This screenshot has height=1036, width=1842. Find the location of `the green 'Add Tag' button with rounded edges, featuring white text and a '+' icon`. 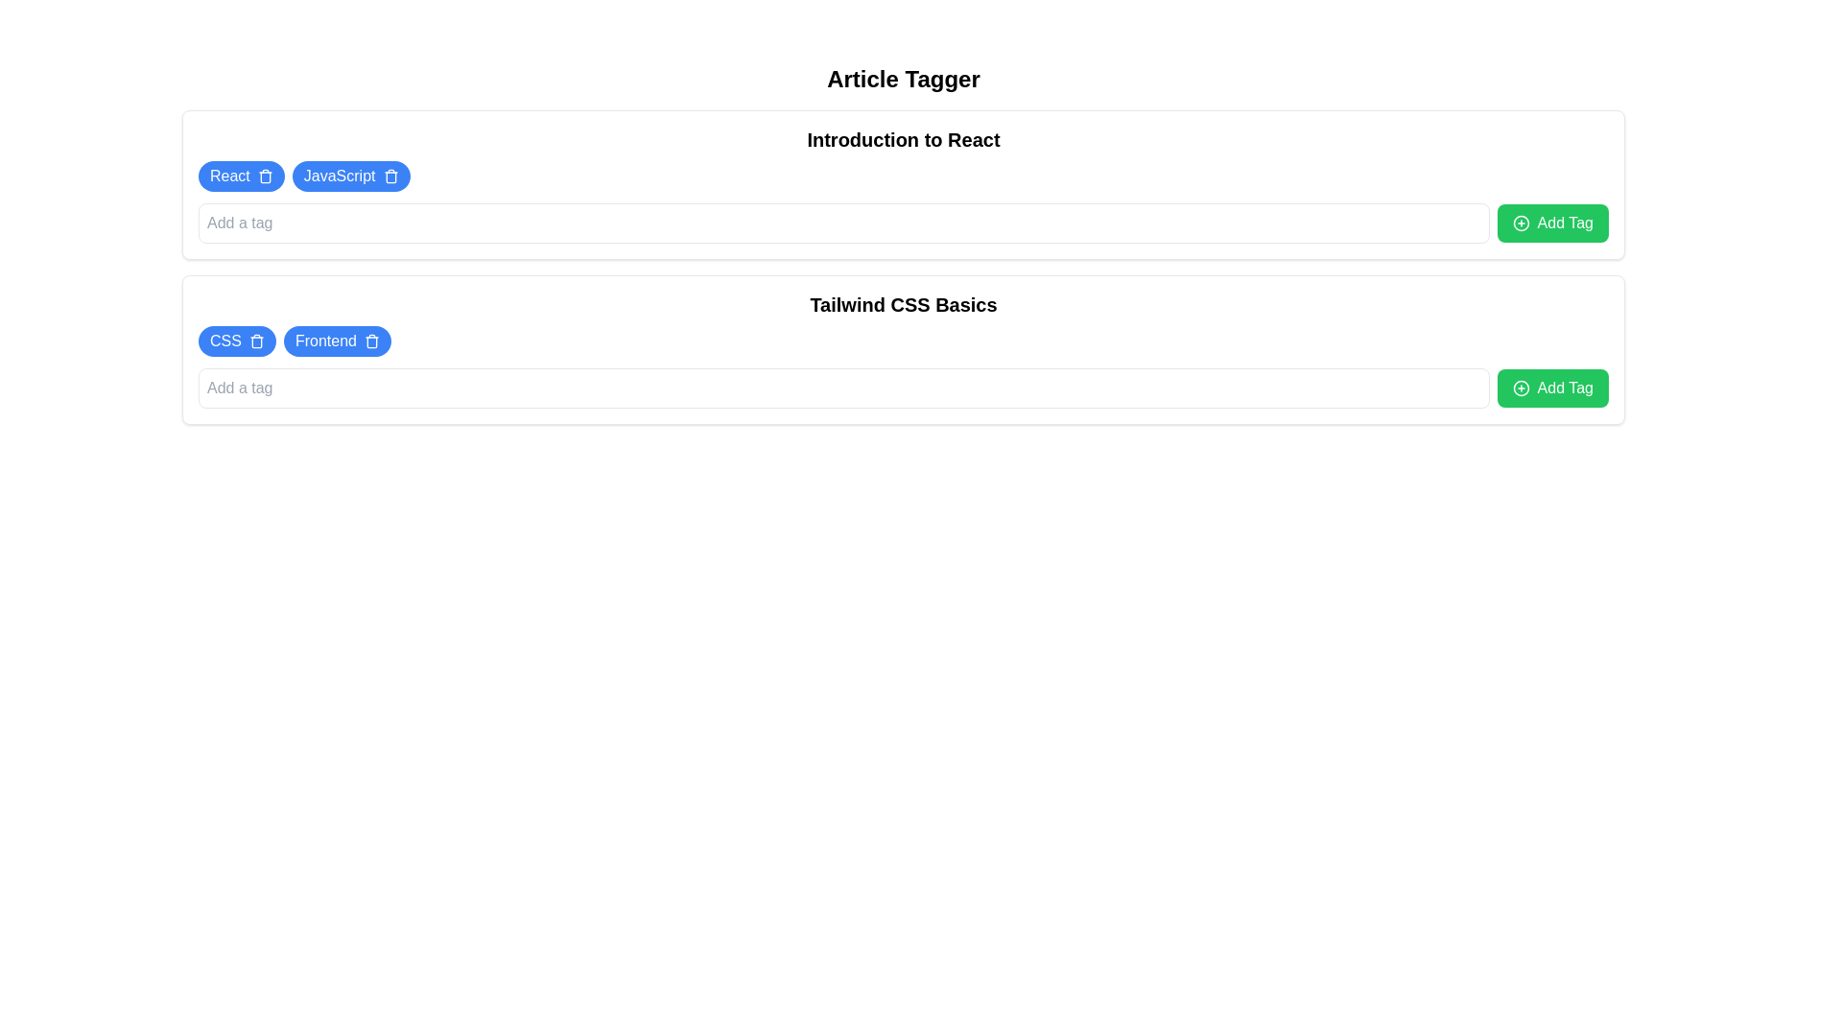

the green 'Add Tag' button with rounded edges, featuring white text and a '+' icon is located at coordinates (1552, 222).